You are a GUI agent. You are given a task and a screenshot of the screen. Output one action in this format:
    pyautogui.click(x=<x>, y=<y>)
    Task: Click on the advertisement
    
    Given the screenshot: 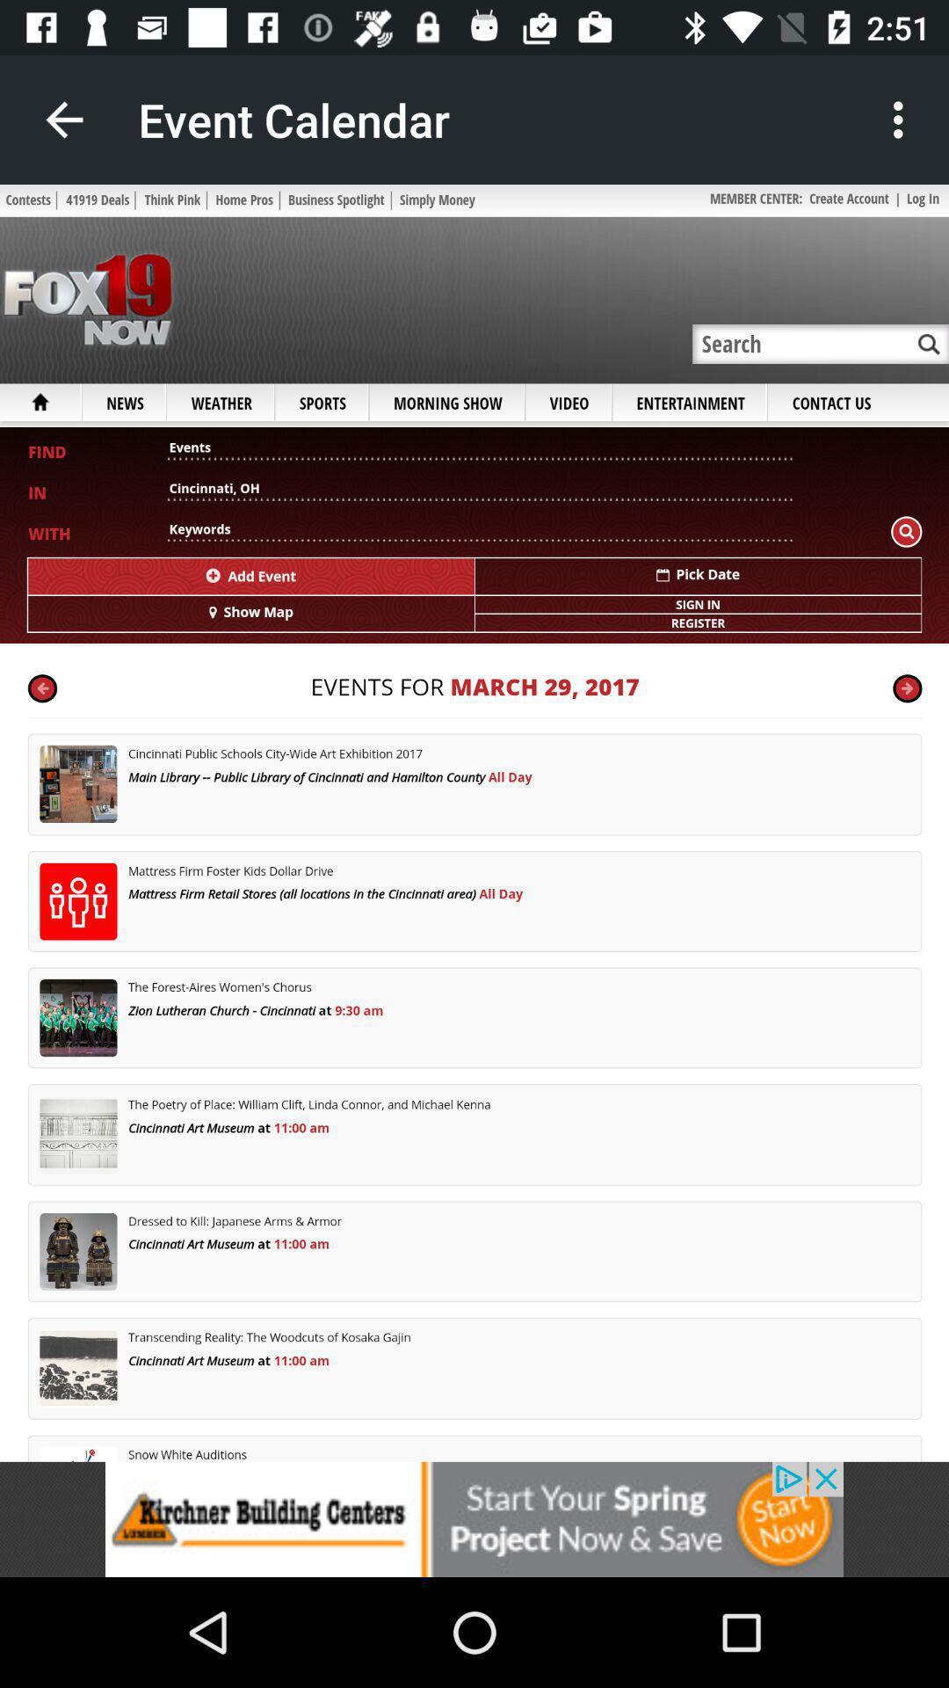 What is the action you would take?
    pyautogui.click(x=474, y=1518)
    